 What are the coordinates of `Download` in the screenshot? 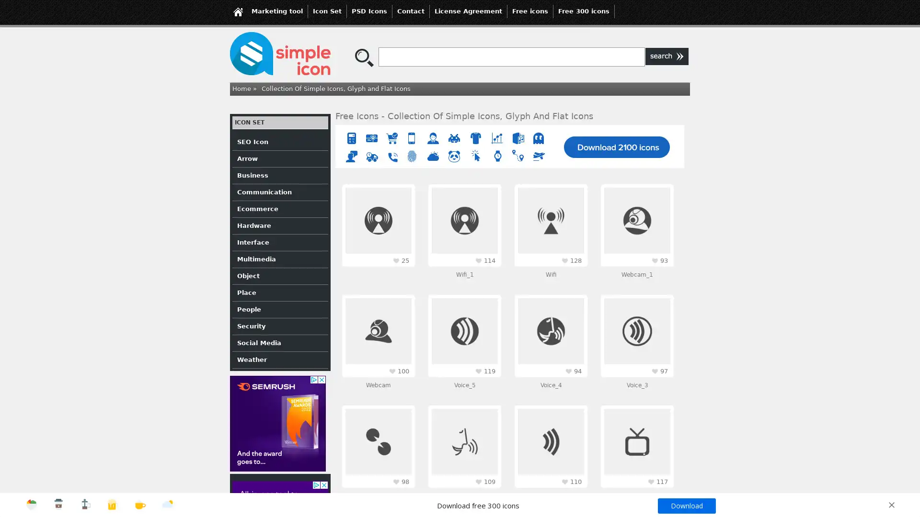 It's located at (686, 505).